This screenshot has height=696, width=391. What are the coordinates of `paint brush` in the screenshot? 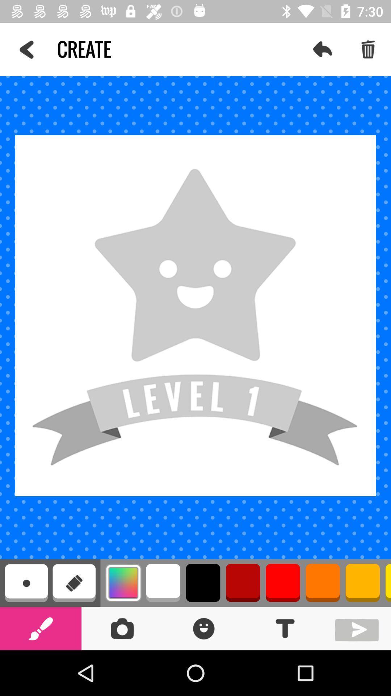 It's located at (41, 628).